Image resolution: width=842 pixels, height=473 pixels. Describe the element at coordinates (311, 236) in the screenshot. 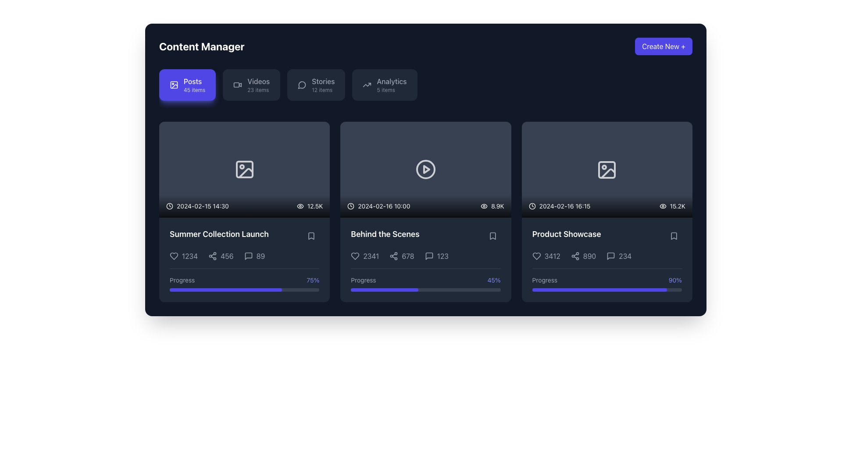

I see `the Bookmark icon located in the upper-right corner of the 'Summer Collection Launch' card to bookmark the item` at that location.